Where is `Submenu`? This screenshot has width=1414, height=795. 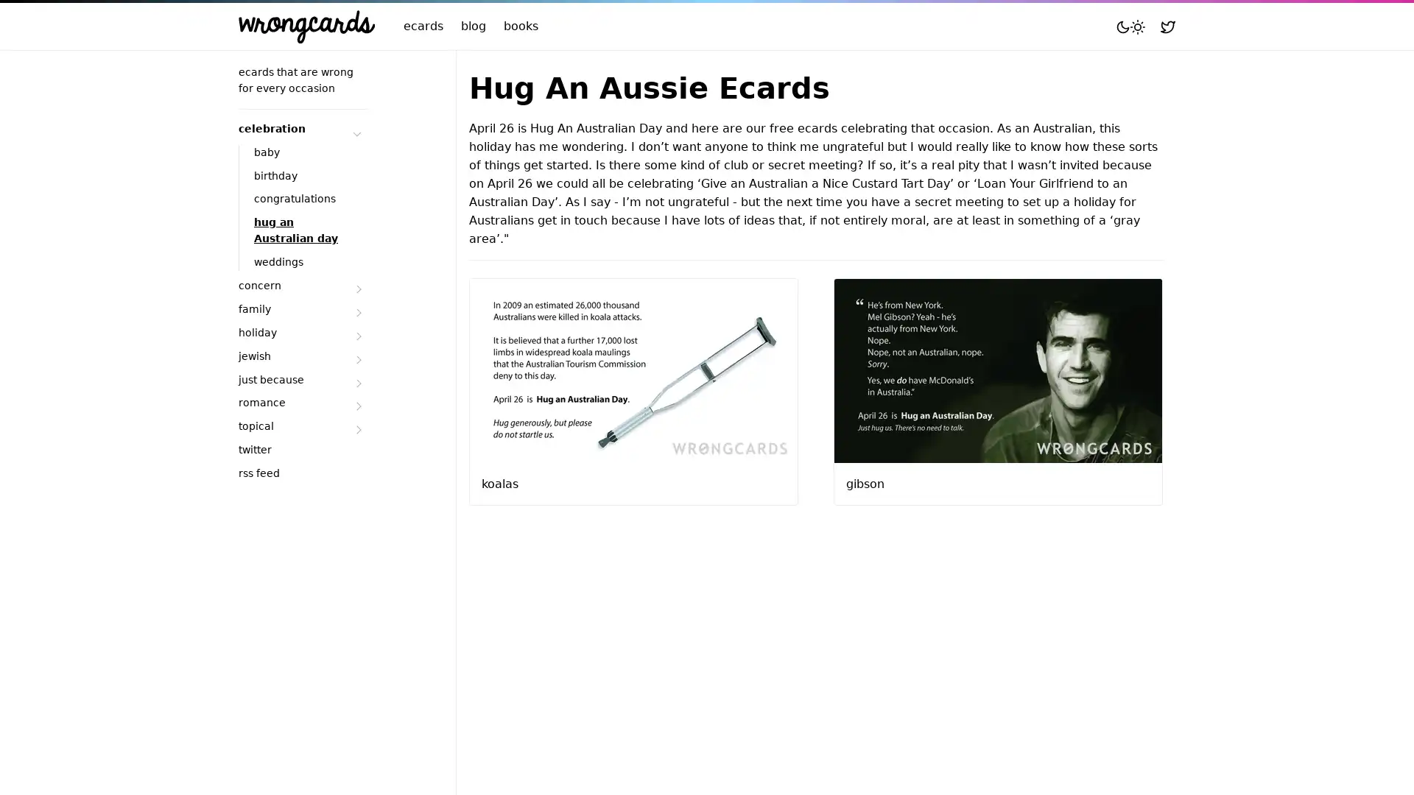
Submenu is located at coordinates (356, 406).